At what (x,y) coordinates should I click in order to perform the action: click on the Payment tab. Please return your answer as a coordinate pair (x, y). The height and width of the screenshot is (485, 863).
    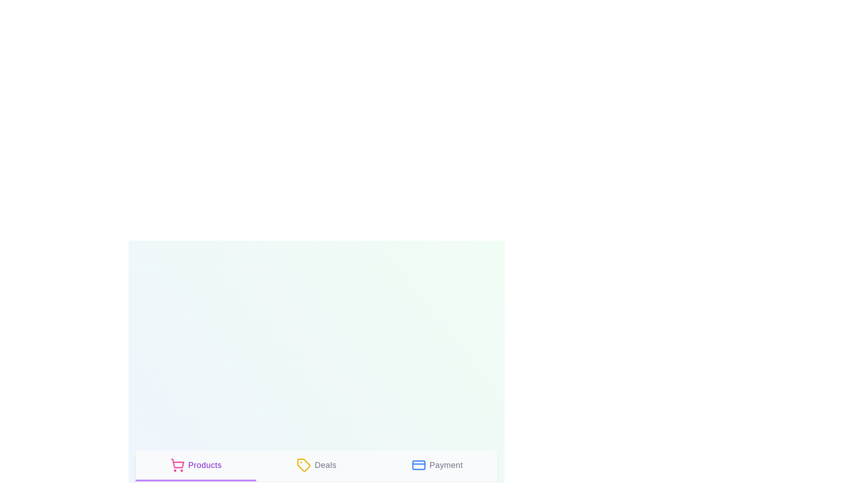
    Looking at the image, I should click on (437, 465).